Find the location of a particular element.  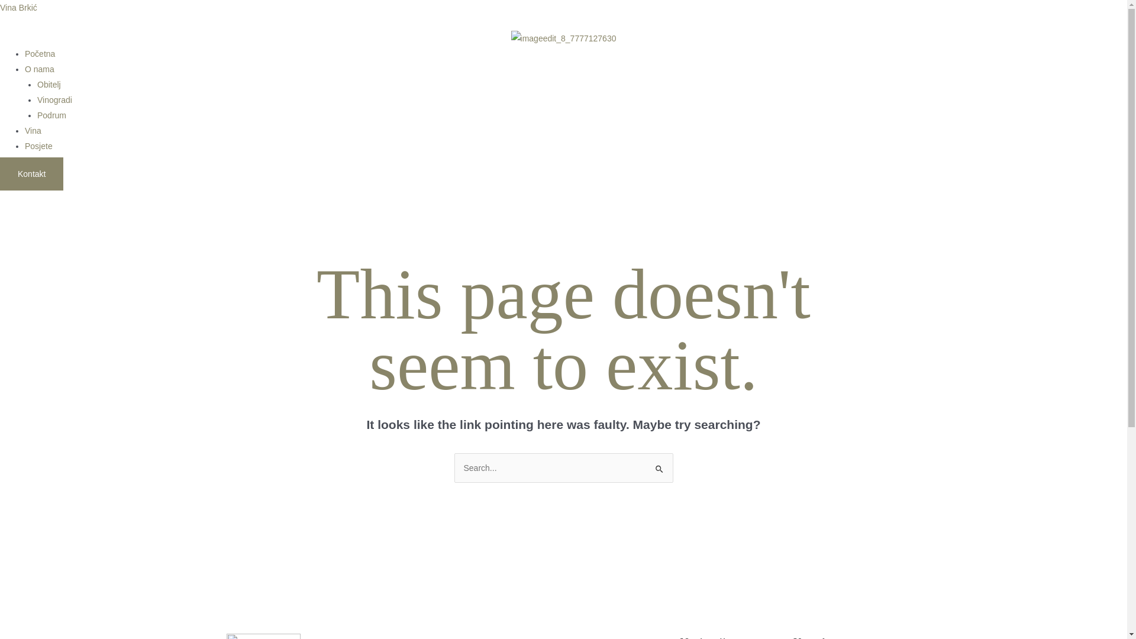

'Kontakt' is located at coordinates (0, 173).